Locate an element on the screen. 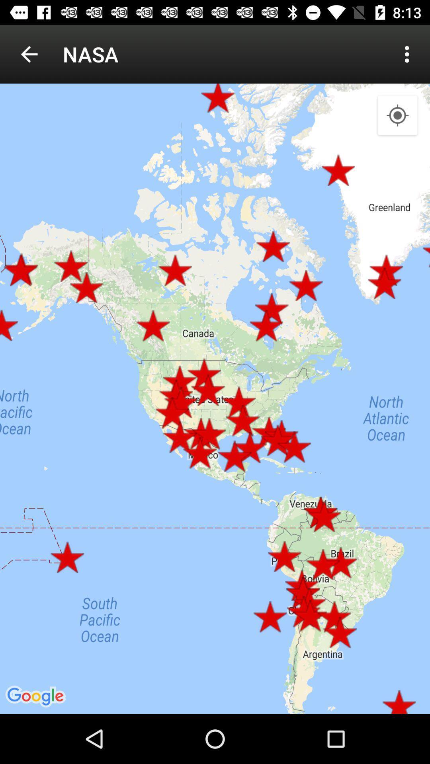 This screenshot has width=430, height=764. icon next to the nasa item is located at coordinates (29, 54).